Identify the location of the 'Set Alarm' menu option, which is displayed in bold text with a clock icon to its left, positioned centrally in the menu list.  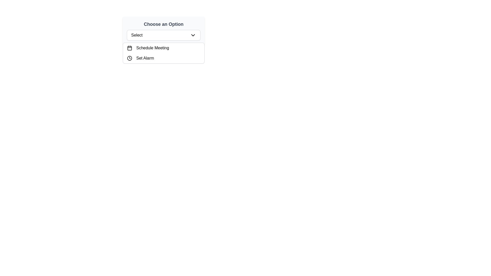
(145, 58).